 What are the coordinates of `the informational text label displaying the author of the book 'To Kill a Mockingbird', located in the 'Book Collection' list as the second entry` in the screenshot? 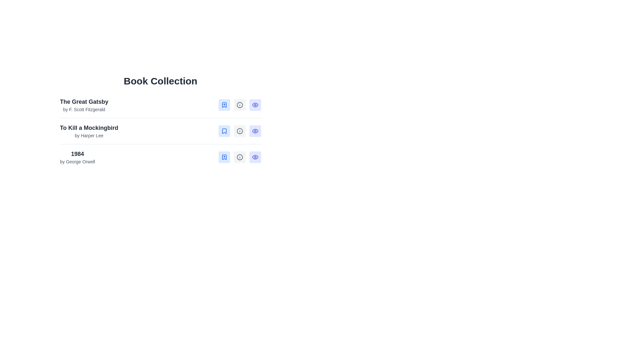 It's located at (89, 135).